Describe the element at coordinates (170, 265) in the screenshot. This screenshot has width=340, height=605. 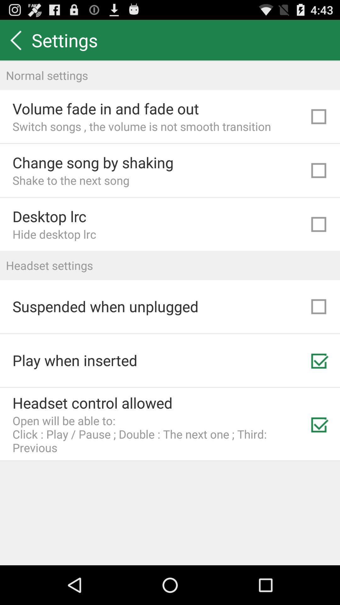
I see `headset settings item` at that location.